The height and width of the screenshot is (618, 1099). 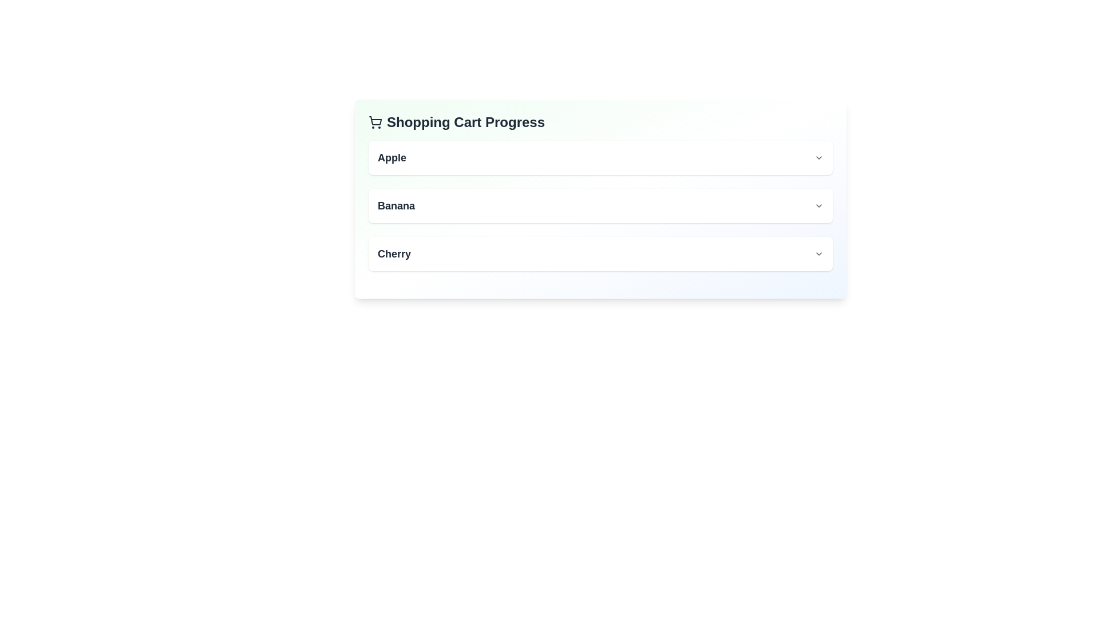 What do you see at coordinates (818, 158) in the screenshot?
I see `the Dropdown indicator (chevron icon) next to the 'Apple' label to change its color` at bounding box center [818, 158].